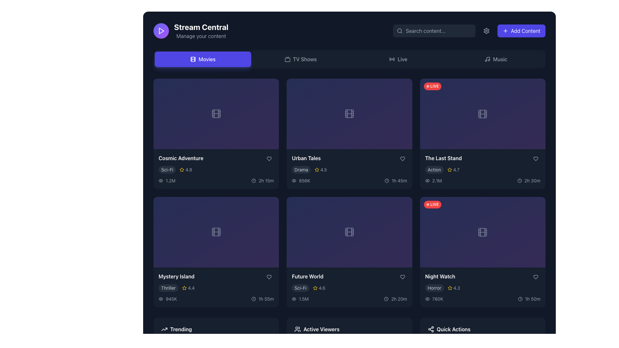 This screenshot has height=348, width=619. I want to click on the SVG rectangle representing the film reel icon for the movie 'Mystery Island' in the second row and first column of the grid for focus, so click(216, 232).